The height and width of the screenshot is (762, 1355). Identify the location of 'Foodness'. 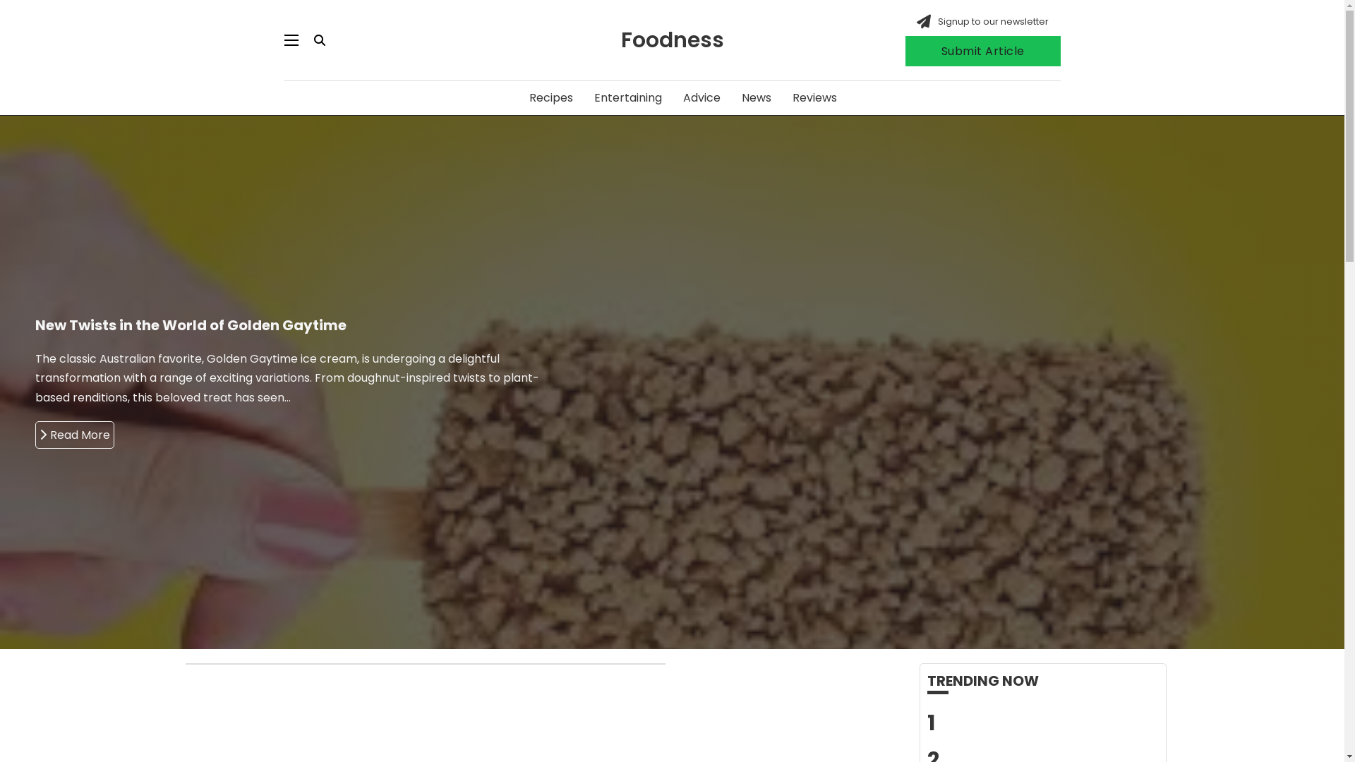
(672, 40).